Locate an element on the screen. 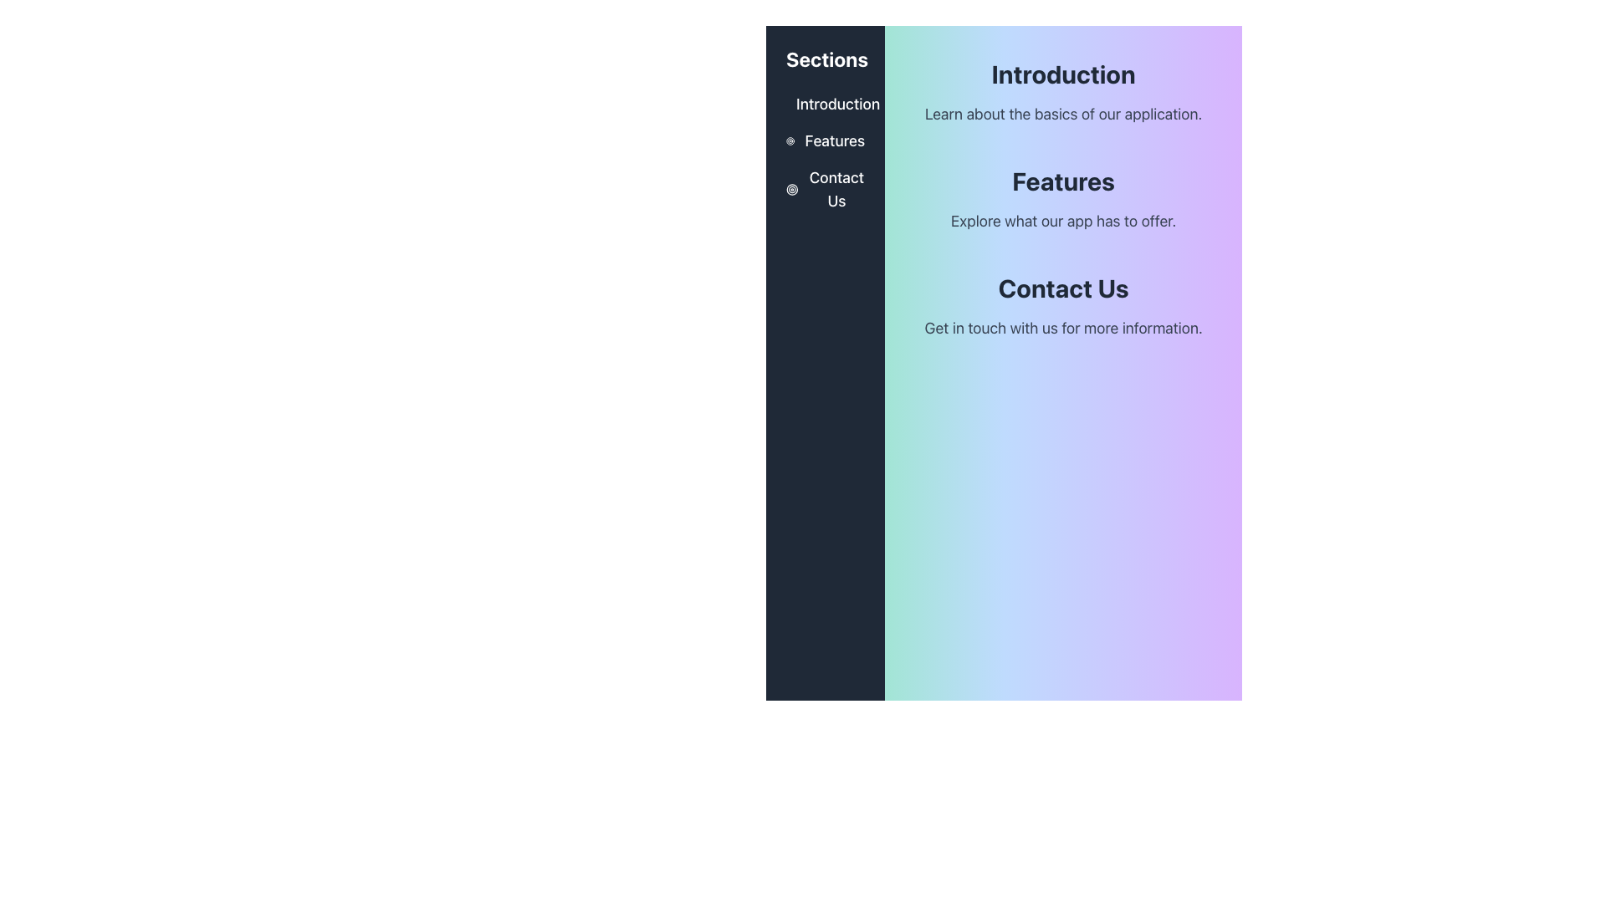 The image size is (1606, 903). the 'Features' hyperlink in the interactive menu, which is styled with an underline on hover and is the second entry in the sidebar menu is located at coordinates (826, 140).